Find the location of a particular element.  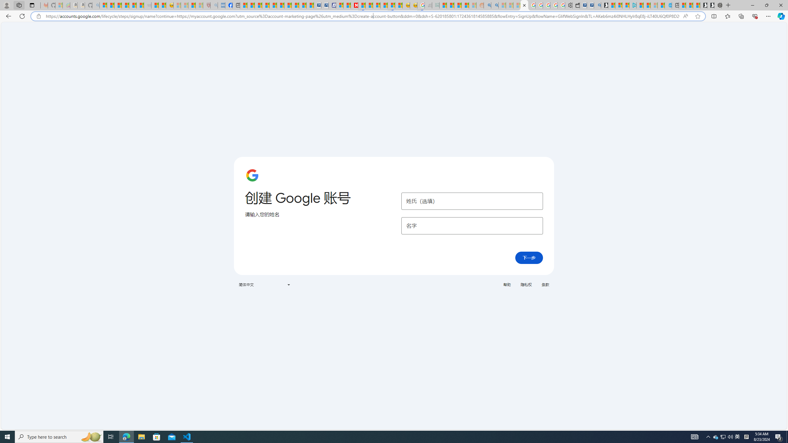

'The Weather Channel - MSN' is located at coordinates (118, 5).